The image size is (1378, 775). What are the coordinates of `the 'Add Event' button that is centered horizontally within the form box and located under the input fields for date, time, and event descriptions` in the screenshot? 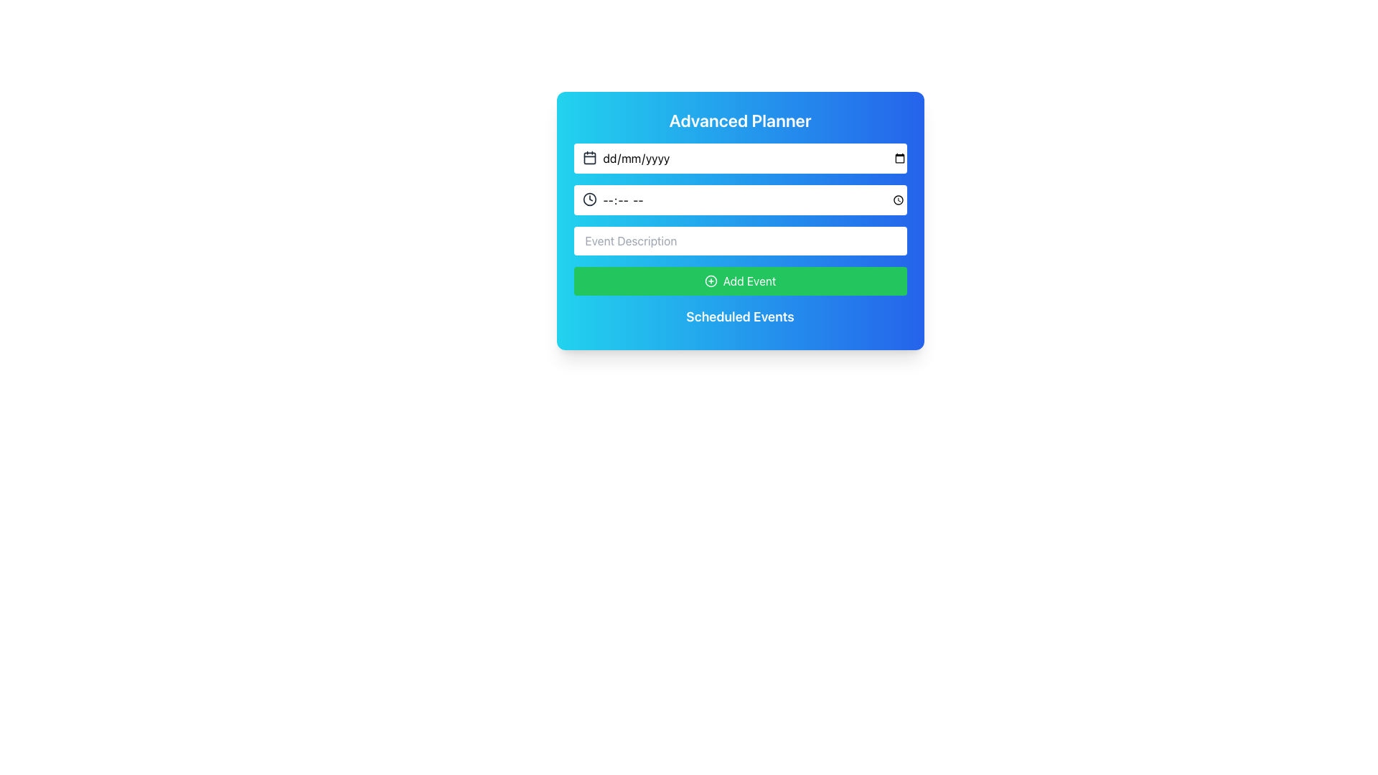 It's located at (749, 281).